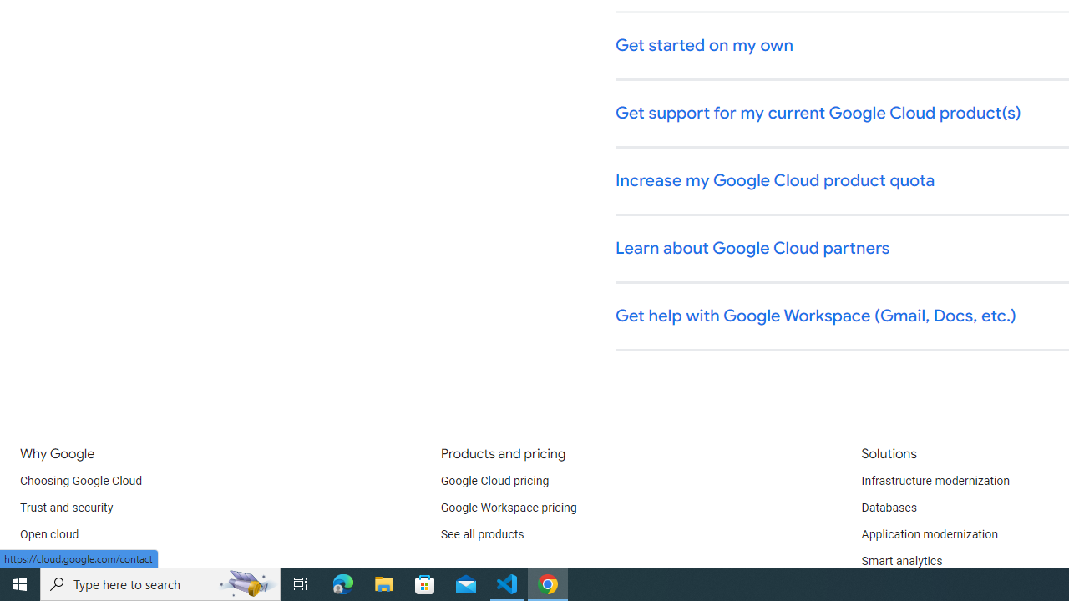 The height and width of the screenshot is (601, 1069). Describe the element at coordinates (508, 508) in the screenshot. I see `'Google Workspace pricing'` at that location.